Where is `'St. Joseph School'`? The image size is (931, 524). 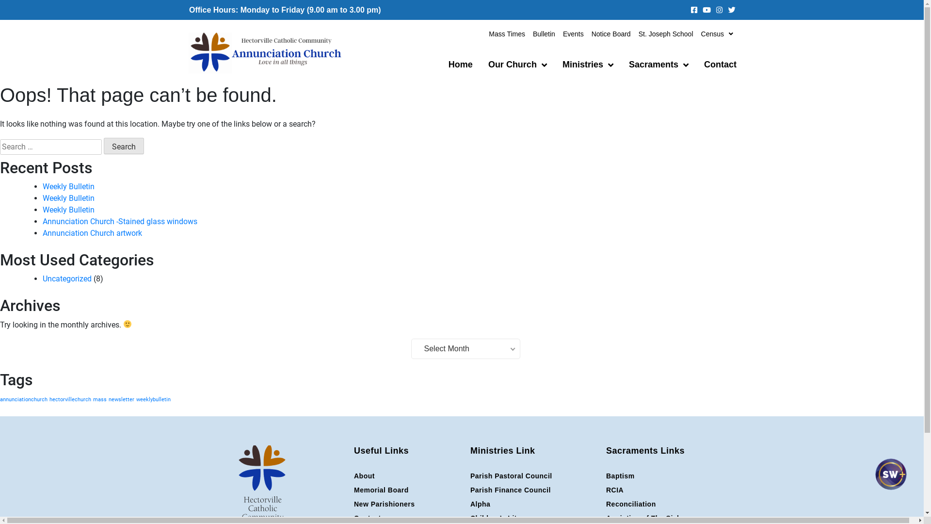 'St. Joseph School' is located at coordinates (665, 33).